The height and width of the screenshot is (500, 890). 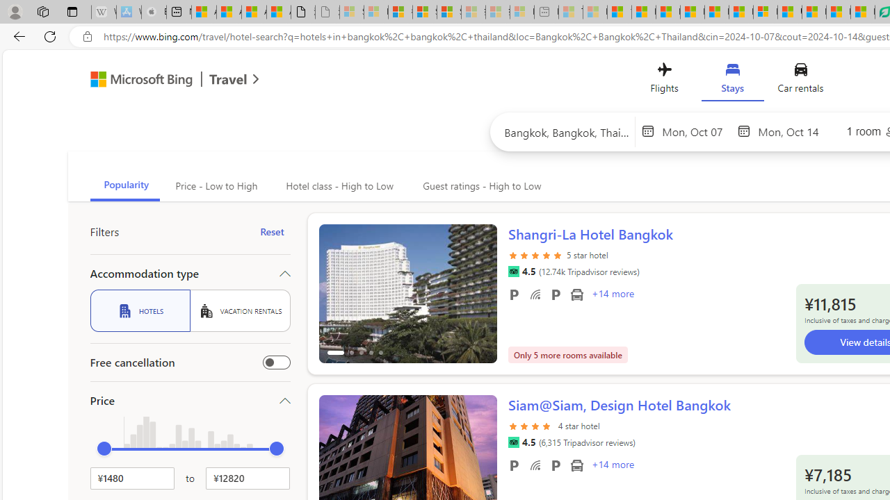 What do you see at coordinates (480, 185) in the screenshot?
I see `'Guest ratings - High to Low'` at bounding box center [480, 185].